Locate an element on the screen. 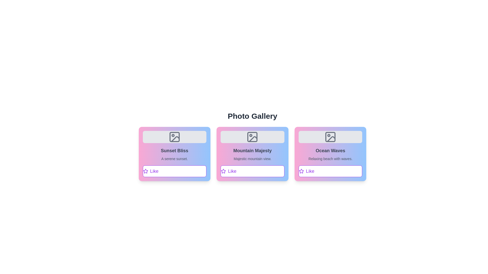 The height and width of the screenshot is (274, 488). 'Like' button for the photo titled 'Sunset Bliss' is located at coordinates (174, 171).